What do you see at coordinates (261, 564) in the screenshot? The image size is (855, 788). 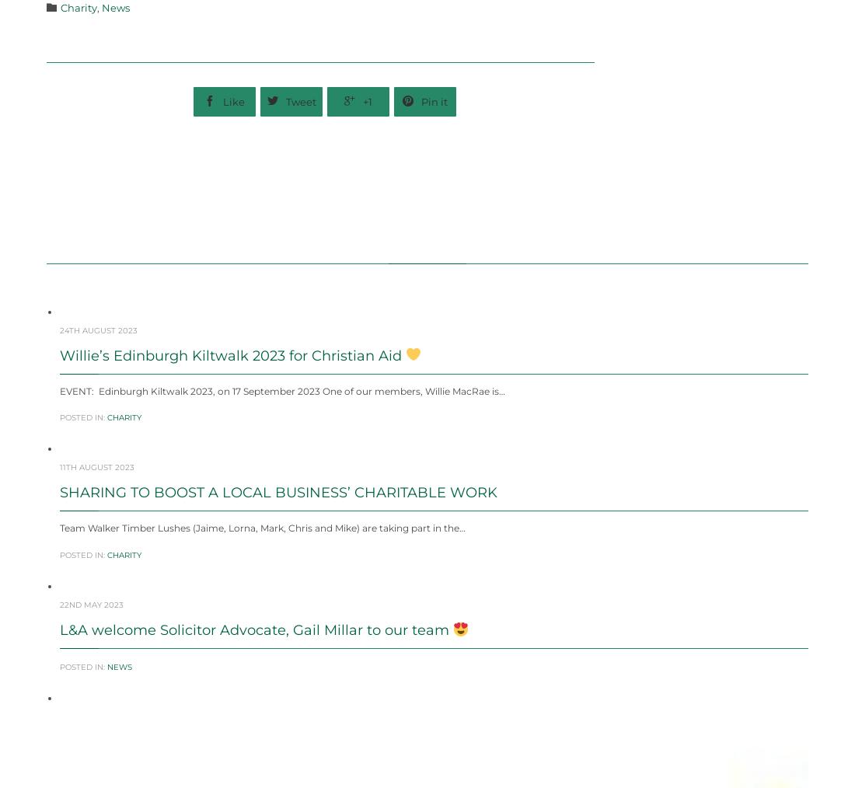 I see `'Team Walker Timber Lushes (Jaime, Lorna, Mark, Chris and Mike) are taking part in the…'` at bounding box center [261, 564].